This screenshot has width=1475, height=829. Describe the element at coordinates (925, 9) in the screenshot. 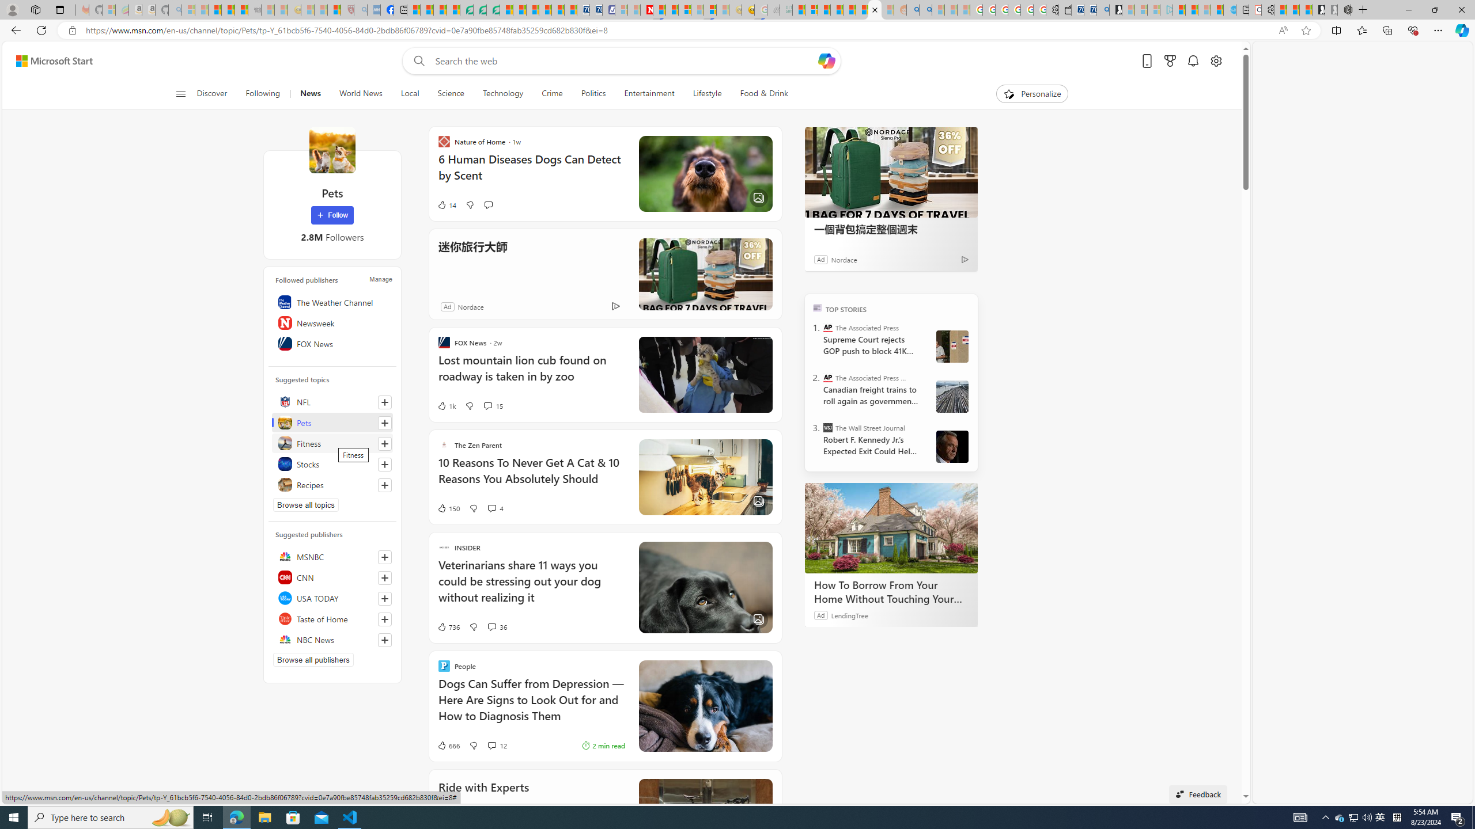

I see `'Utah sues federal government - Search'` at that location.